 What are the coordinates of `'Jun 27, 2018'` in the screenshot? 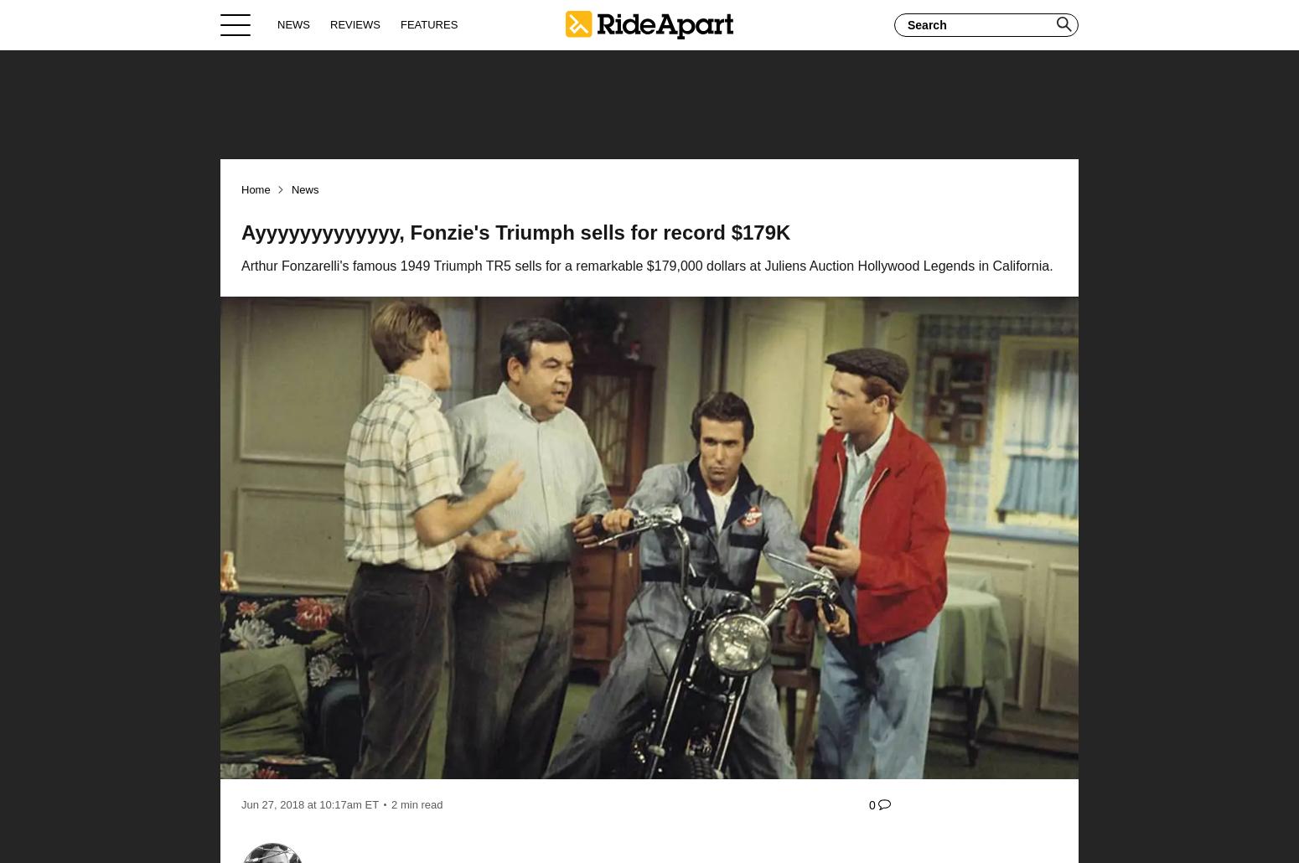 It's located at (241, 803).